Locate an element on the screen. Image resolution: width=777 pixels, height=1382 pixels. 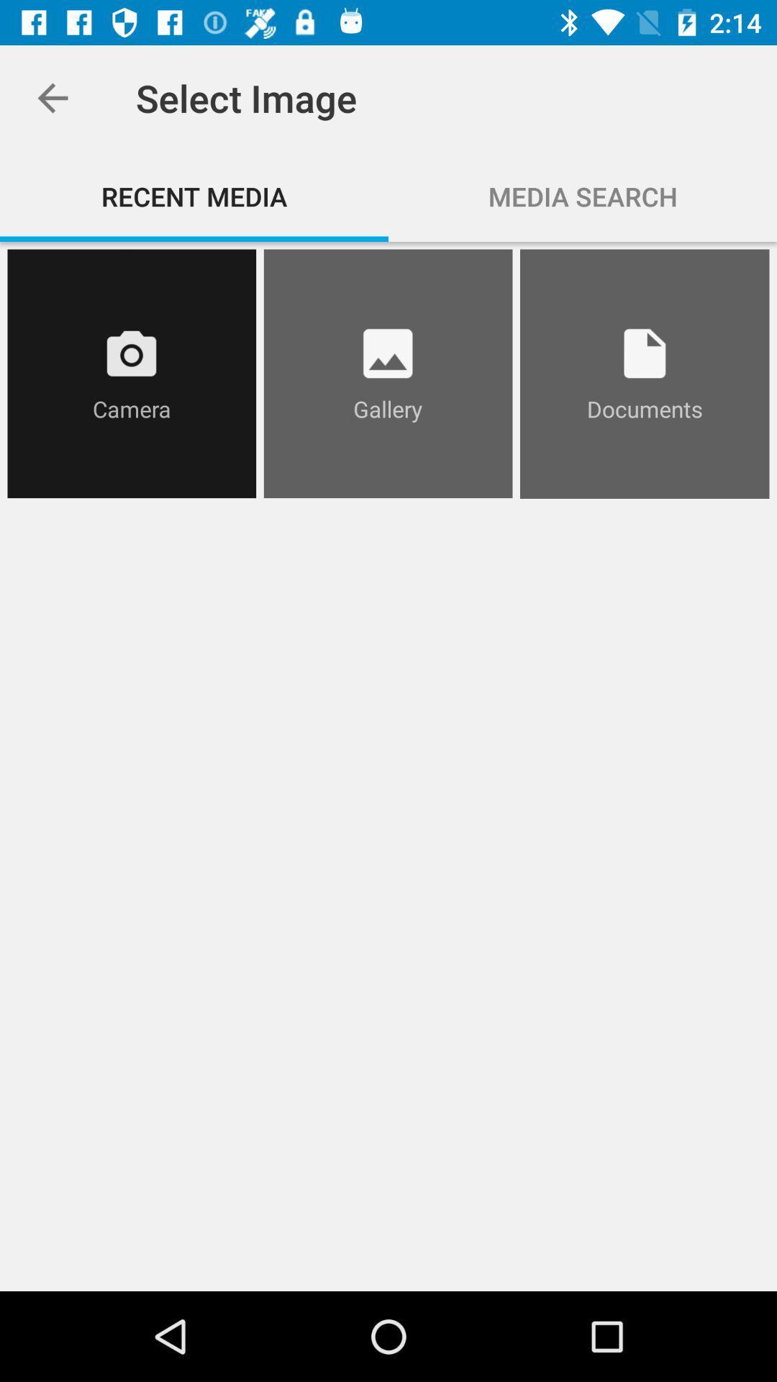
item next to the select image icon is located at coordinates (52, 97).